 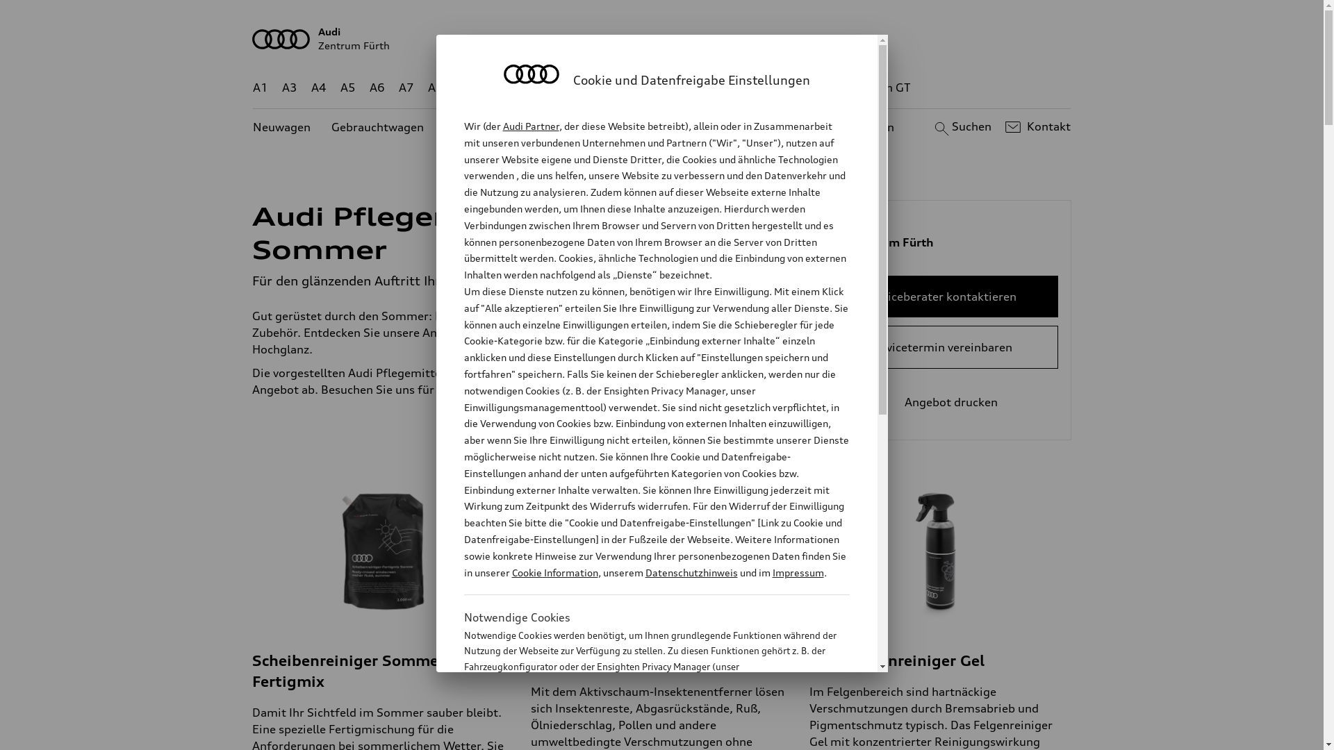 I want to click on 'Kontakt', so click(x=1036, y=126).